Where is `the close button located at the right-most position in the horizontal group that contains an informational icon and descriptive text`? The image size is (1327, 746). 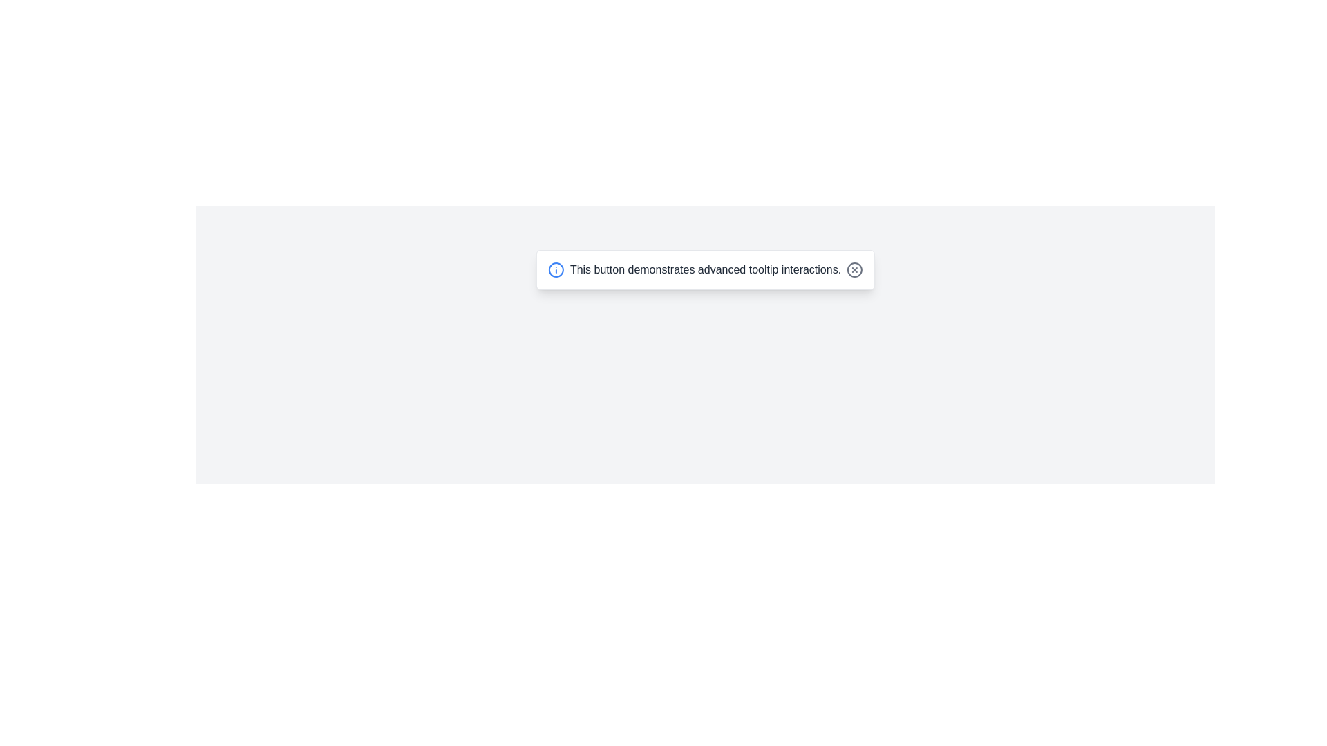
the close button located at the right-most position in the horizontal group that contains an informational icon and descriptive text is located at coordinates (854, 269).